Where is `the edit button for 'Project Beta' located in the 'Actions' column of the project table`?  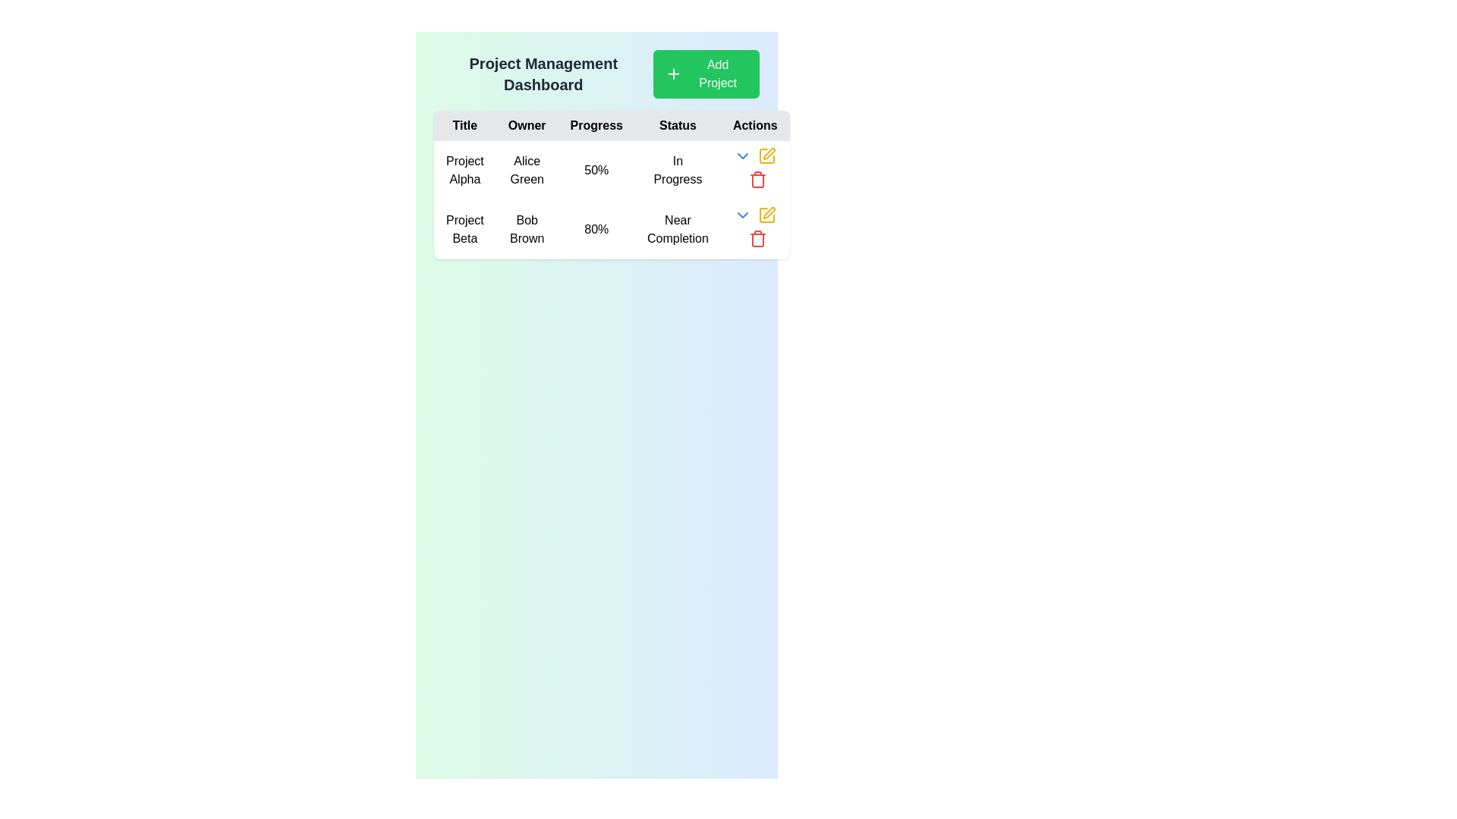 the edit button for 'Project Beta' located in the 'Actions' column of the project table is located at coordinates (767, 155).